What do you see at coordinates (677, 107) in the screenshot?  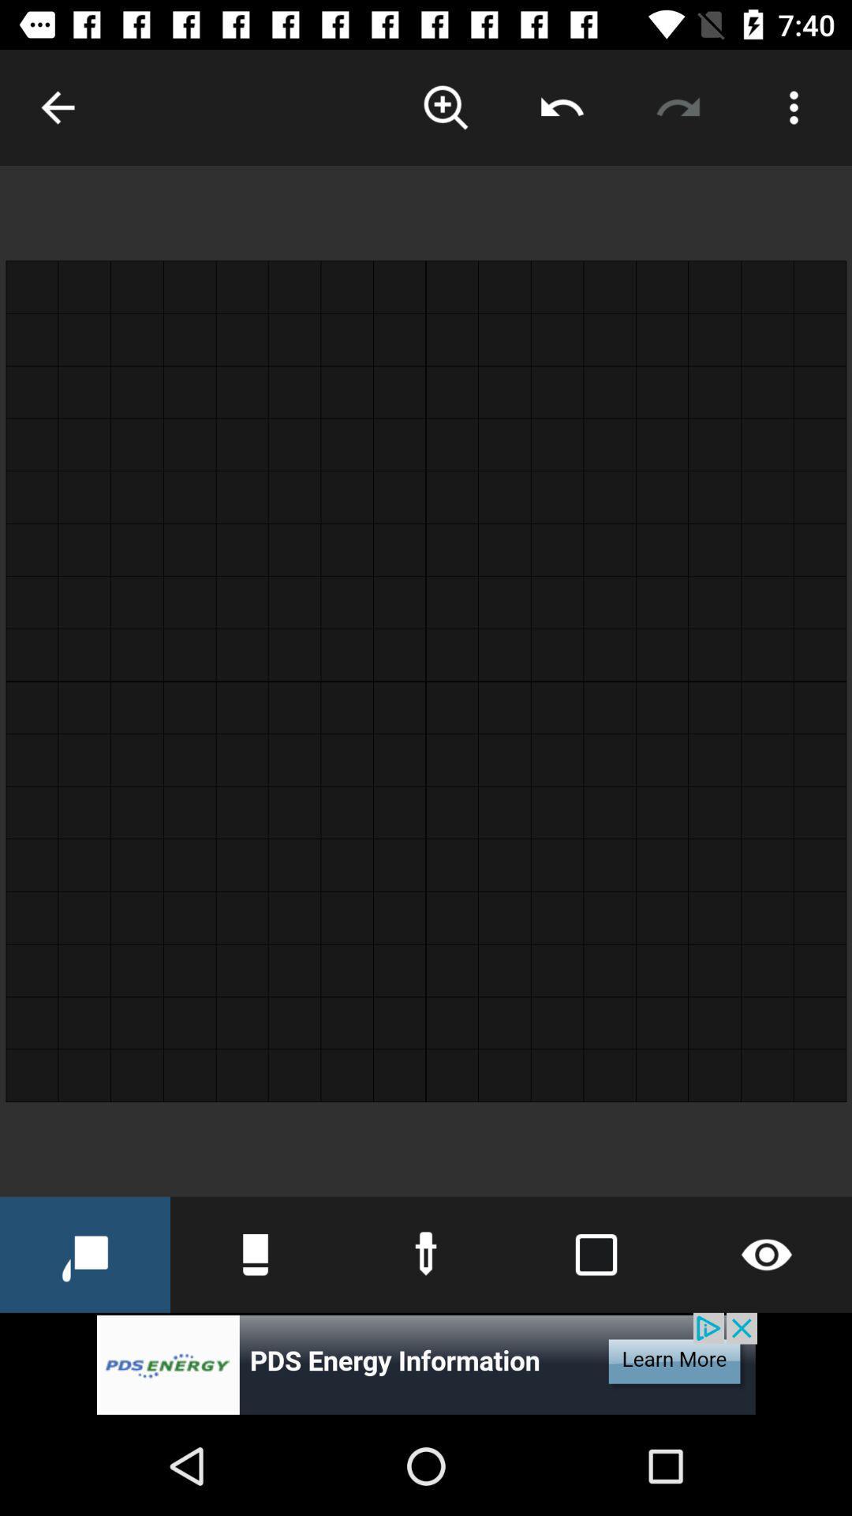 I see `opposite of undo action` at bounding box center [677, 107].